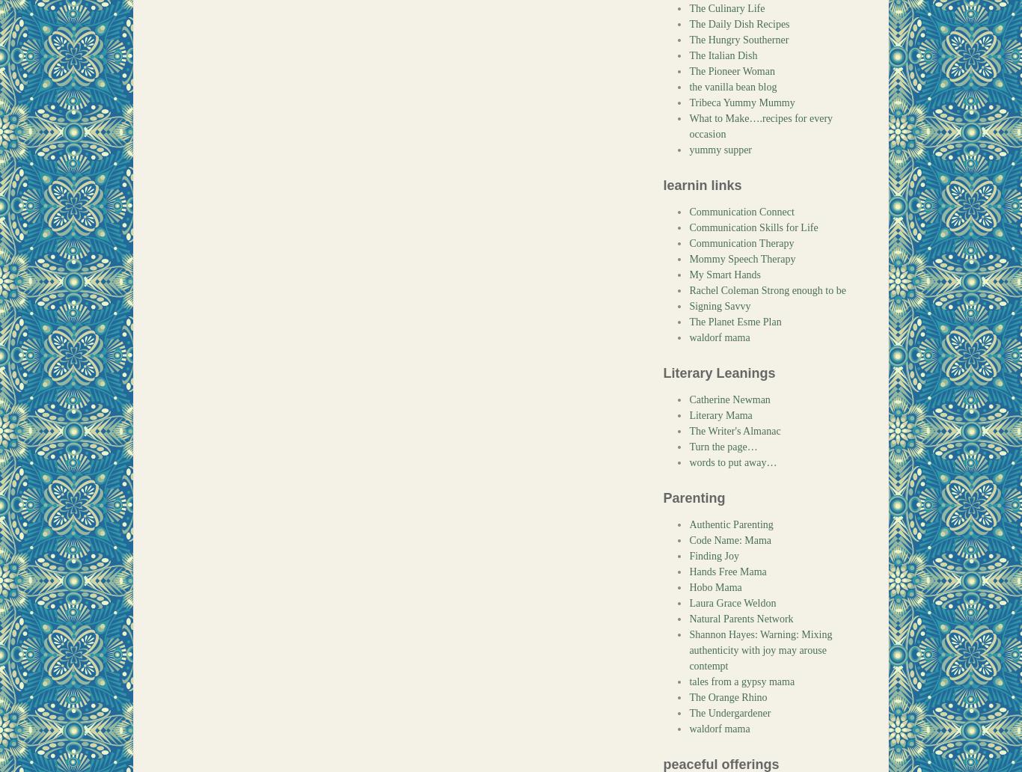 The height and width of the screenshot is (772, 1022). Describe the element at coordinates (760, 126) in the screenshot. I see `'What to Make….recipes for every occasion'` at that location.